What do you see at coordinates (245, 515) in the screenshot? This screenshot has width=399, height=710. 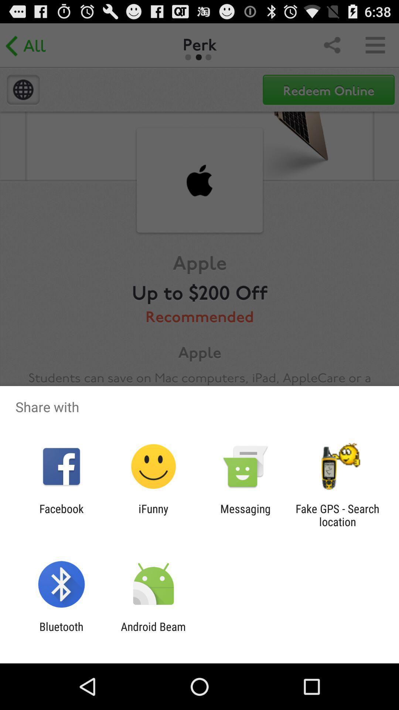 I see `messaging` at bounding box center [245, 515].